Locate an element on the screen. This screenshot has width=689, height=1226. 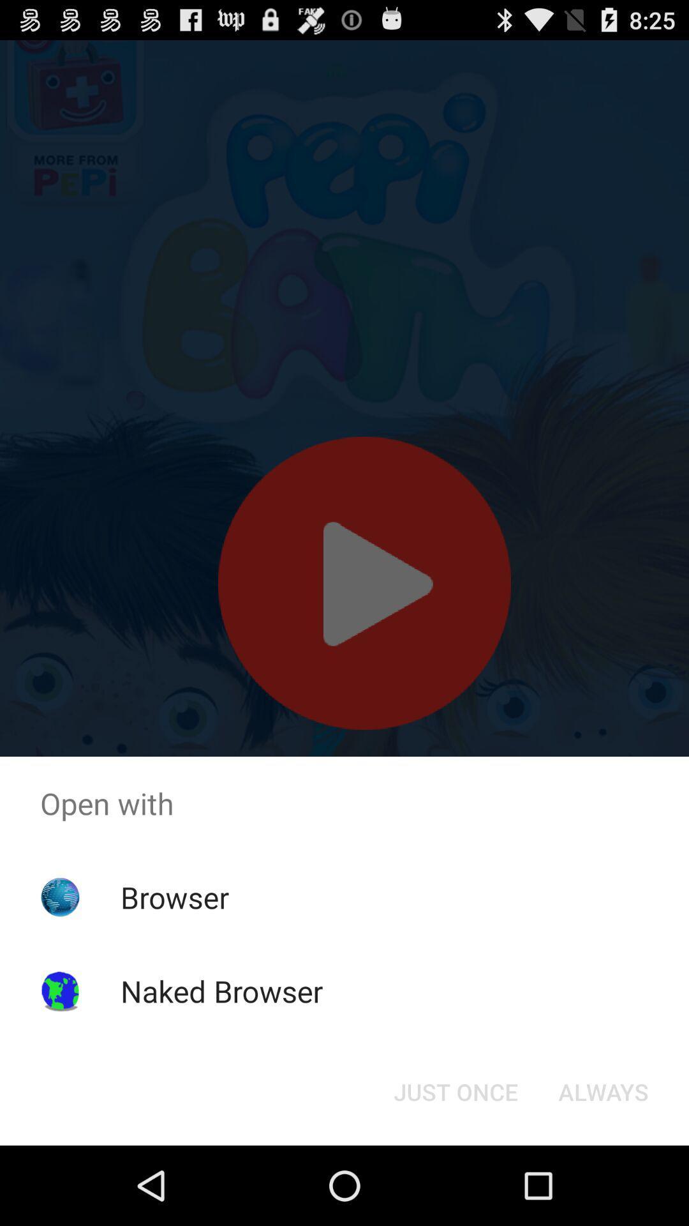
the item next to always is located at coordinates (455, 1091).